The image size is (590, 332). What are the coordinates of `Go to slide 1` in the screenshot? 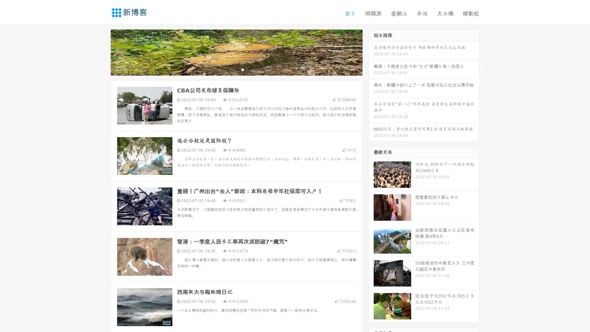 It's located at (230, 69).